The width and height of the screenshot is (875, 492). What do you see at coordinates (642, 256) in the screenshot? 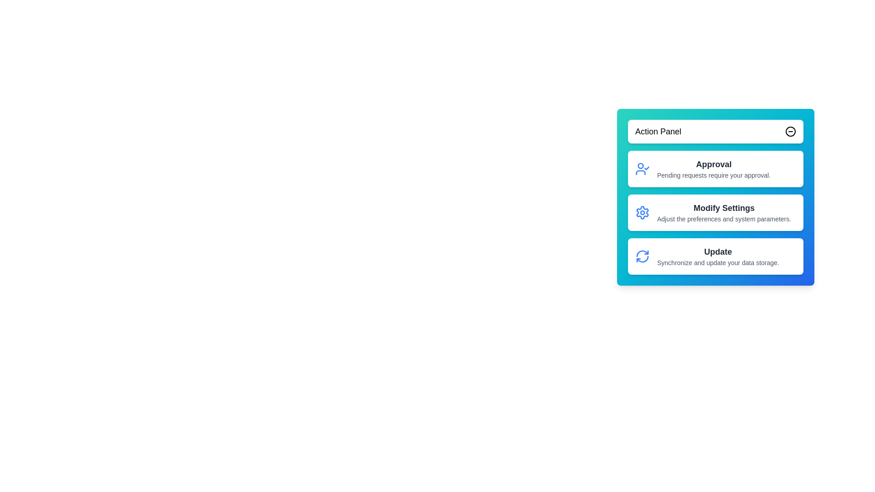
I see `the icon associated with the action Update` at bounding box center [642, 256].